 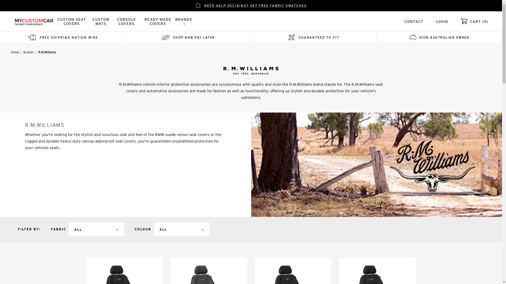 What do you see at coordinates (479, 21) in the screenshot?
I see `'CART (0)'` at bounding box center [479, 21].